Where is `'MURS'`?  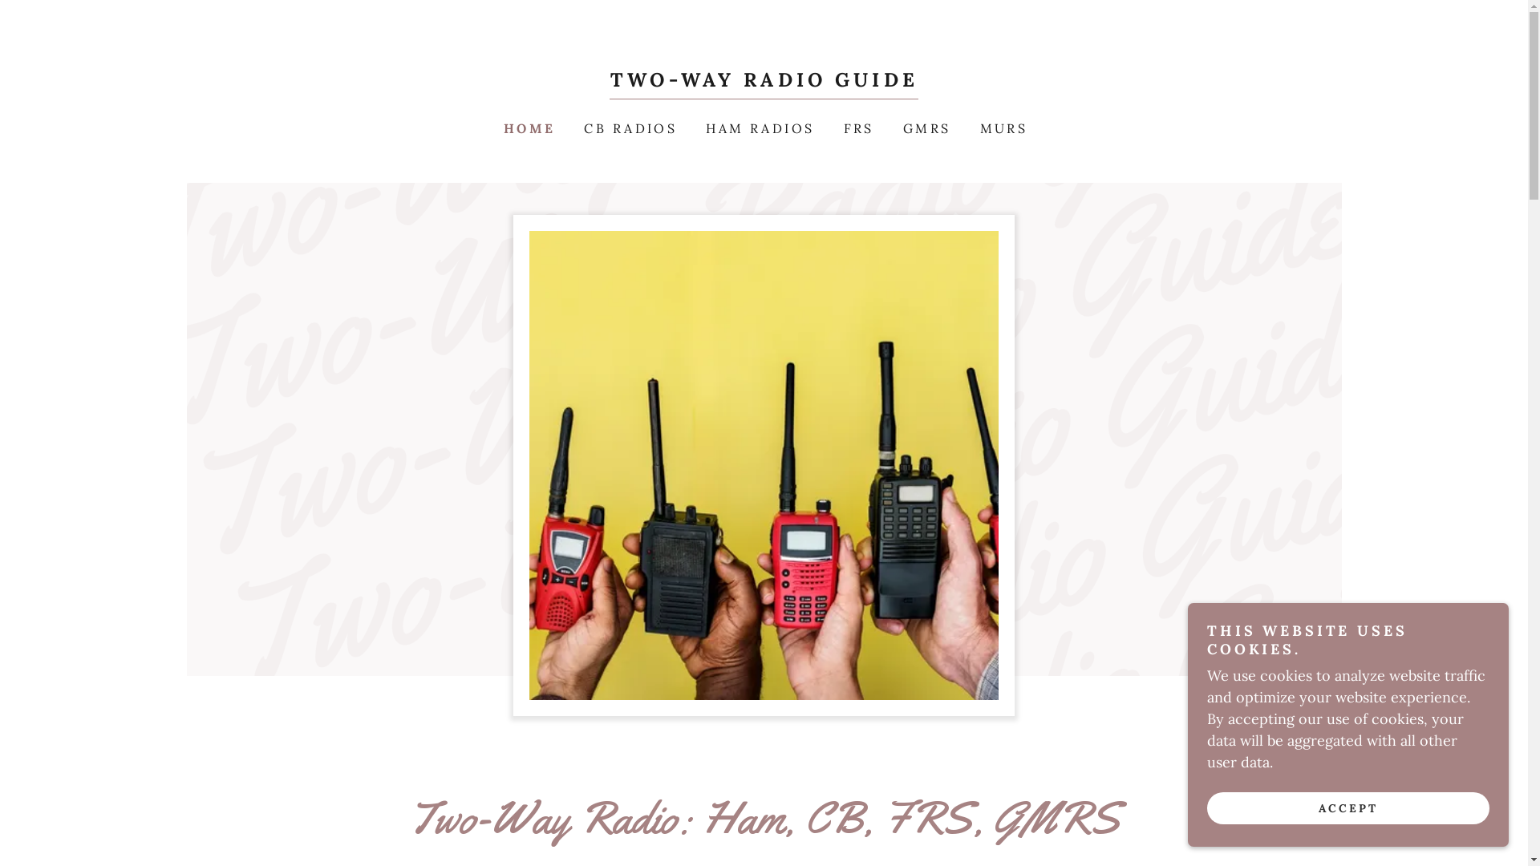 'MURS' is located at coordinates (971, 127).